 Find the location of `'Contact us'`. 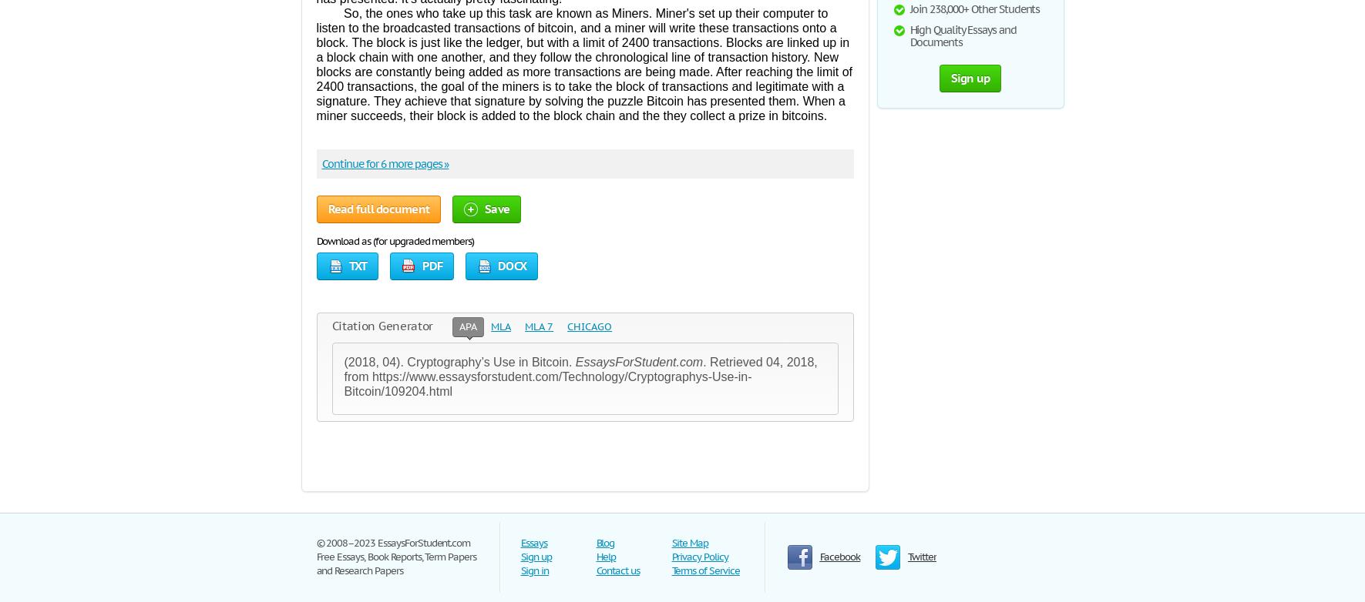

'Contact us' is located at coordinates (595, 570).